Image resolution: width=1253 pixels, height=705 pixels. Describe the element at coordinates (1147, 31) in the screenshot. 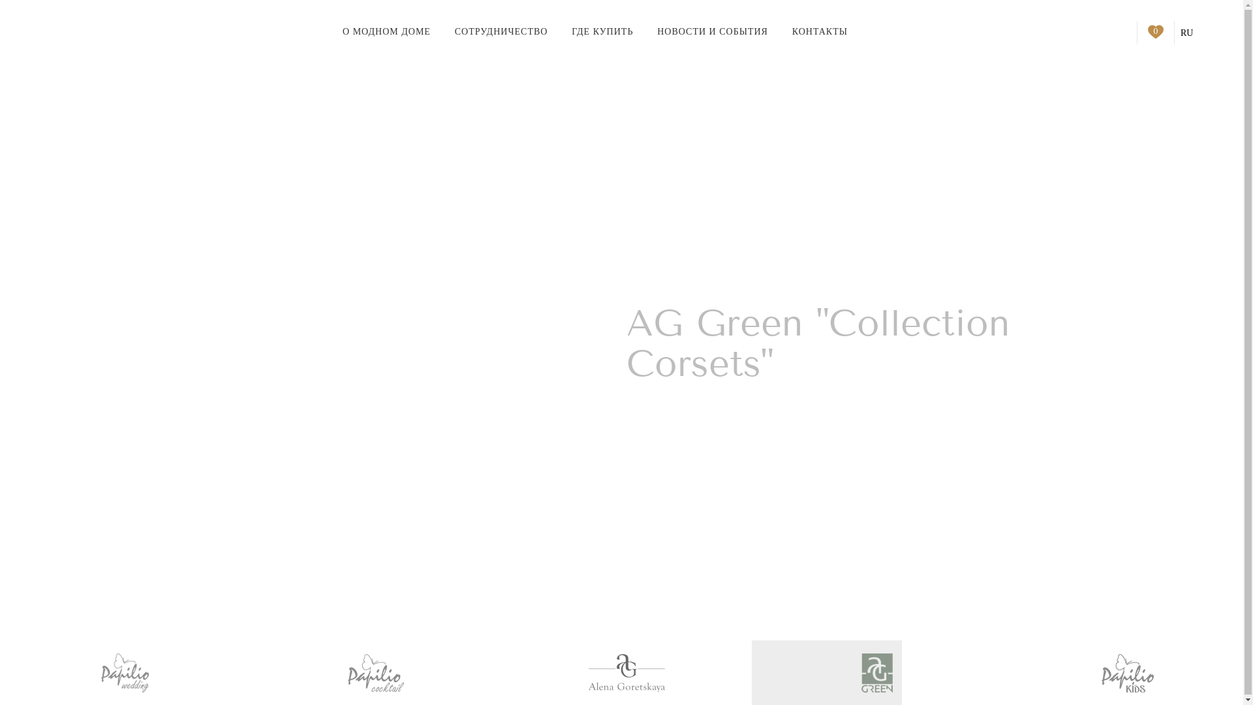

I see `'0'` at that location.